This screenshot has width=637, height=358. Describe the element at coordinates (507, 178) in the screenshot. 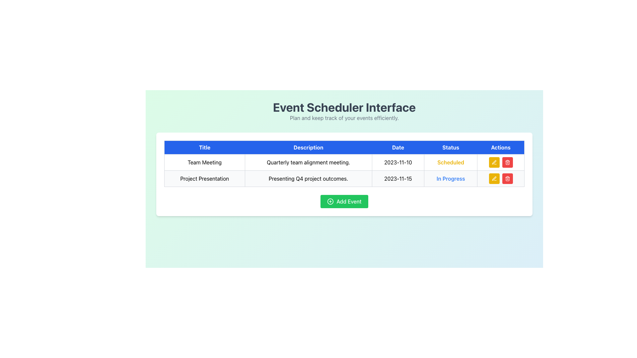

I see `the trash icon button located in the 'Actions' column of the 'Project Presentation' row` at that location.